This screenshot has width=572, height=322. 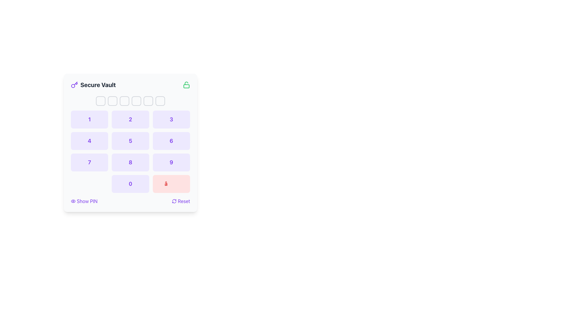 I want to click on the decorative circle element within the key icon located in the top-left corner of the 'Secure Vault' section, so click(x=73, y=86).